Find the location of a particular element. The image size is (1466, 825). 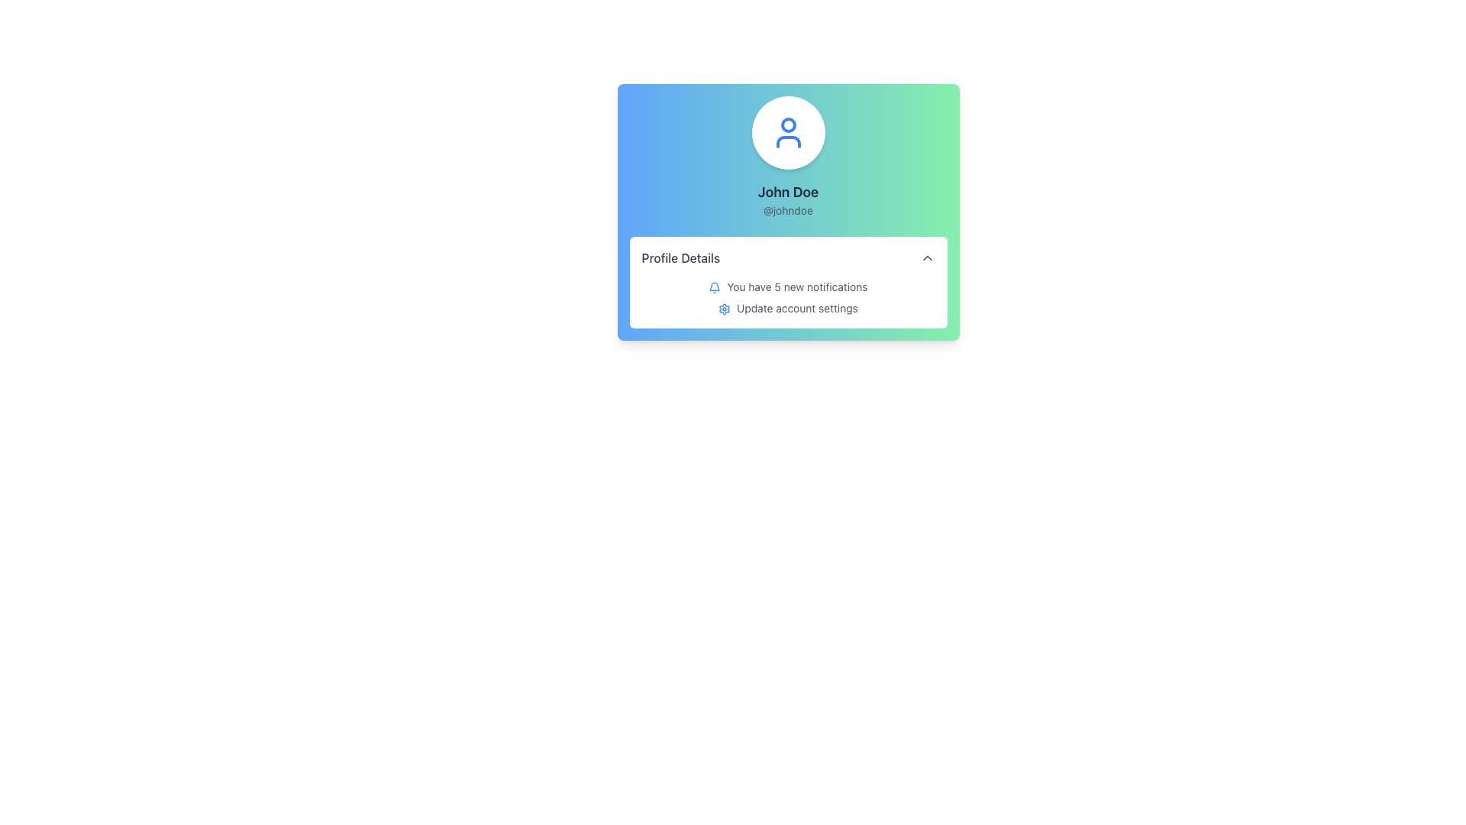

the Text label with icon under 'Profile Details' is located at coordinates (788, 309).